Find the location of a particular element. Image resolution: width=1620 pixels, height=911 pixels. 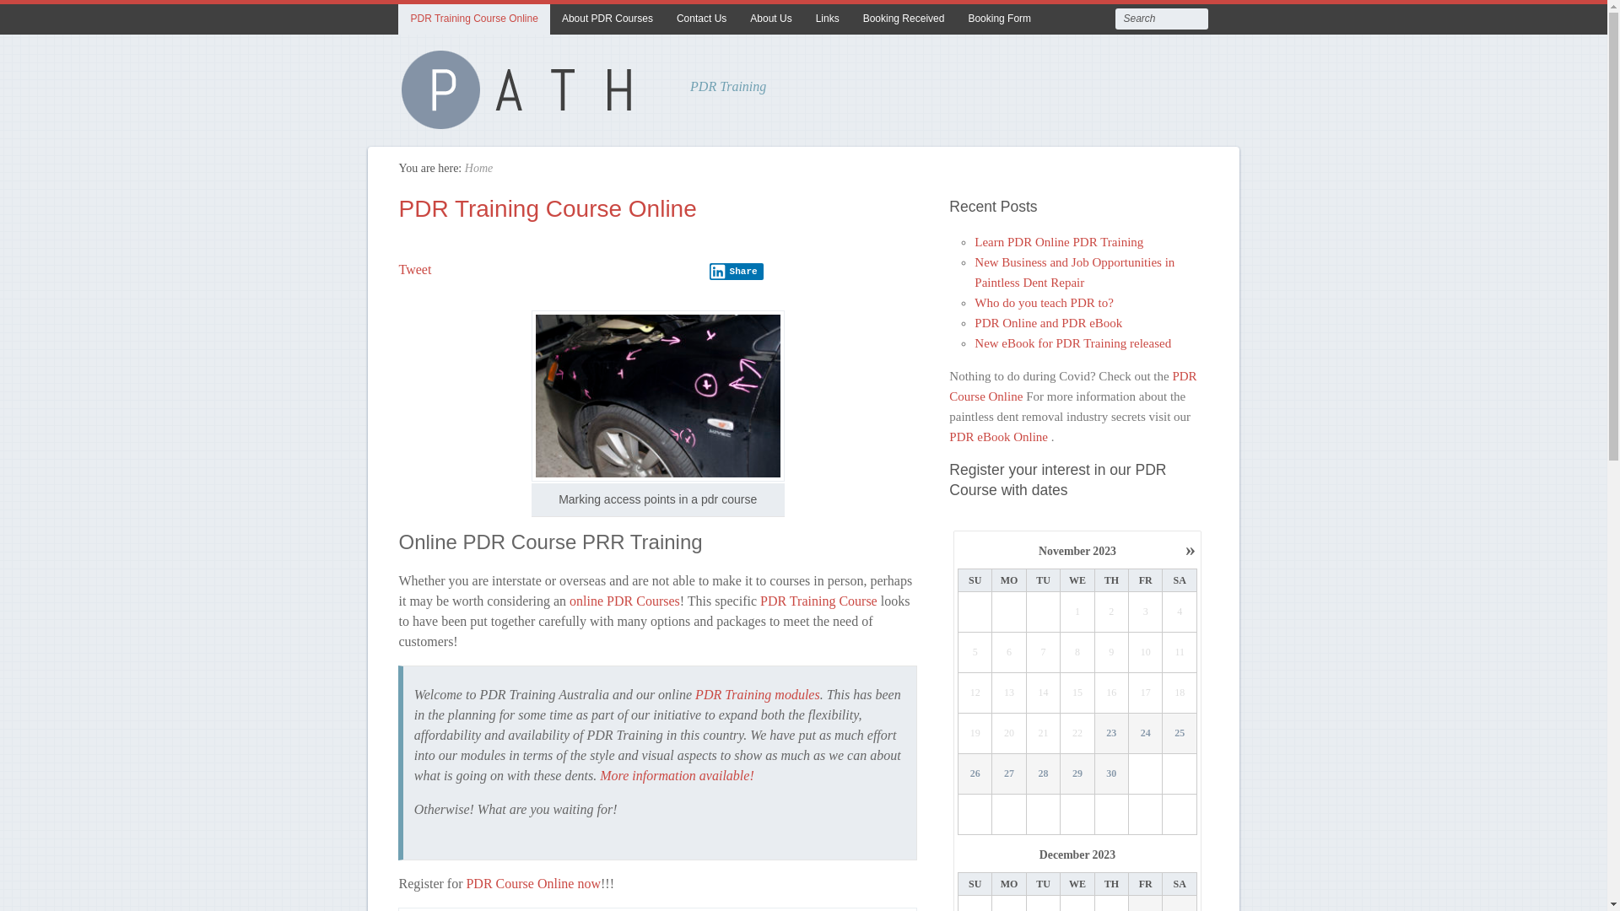

'7' is located at coordinates (1043, 652).